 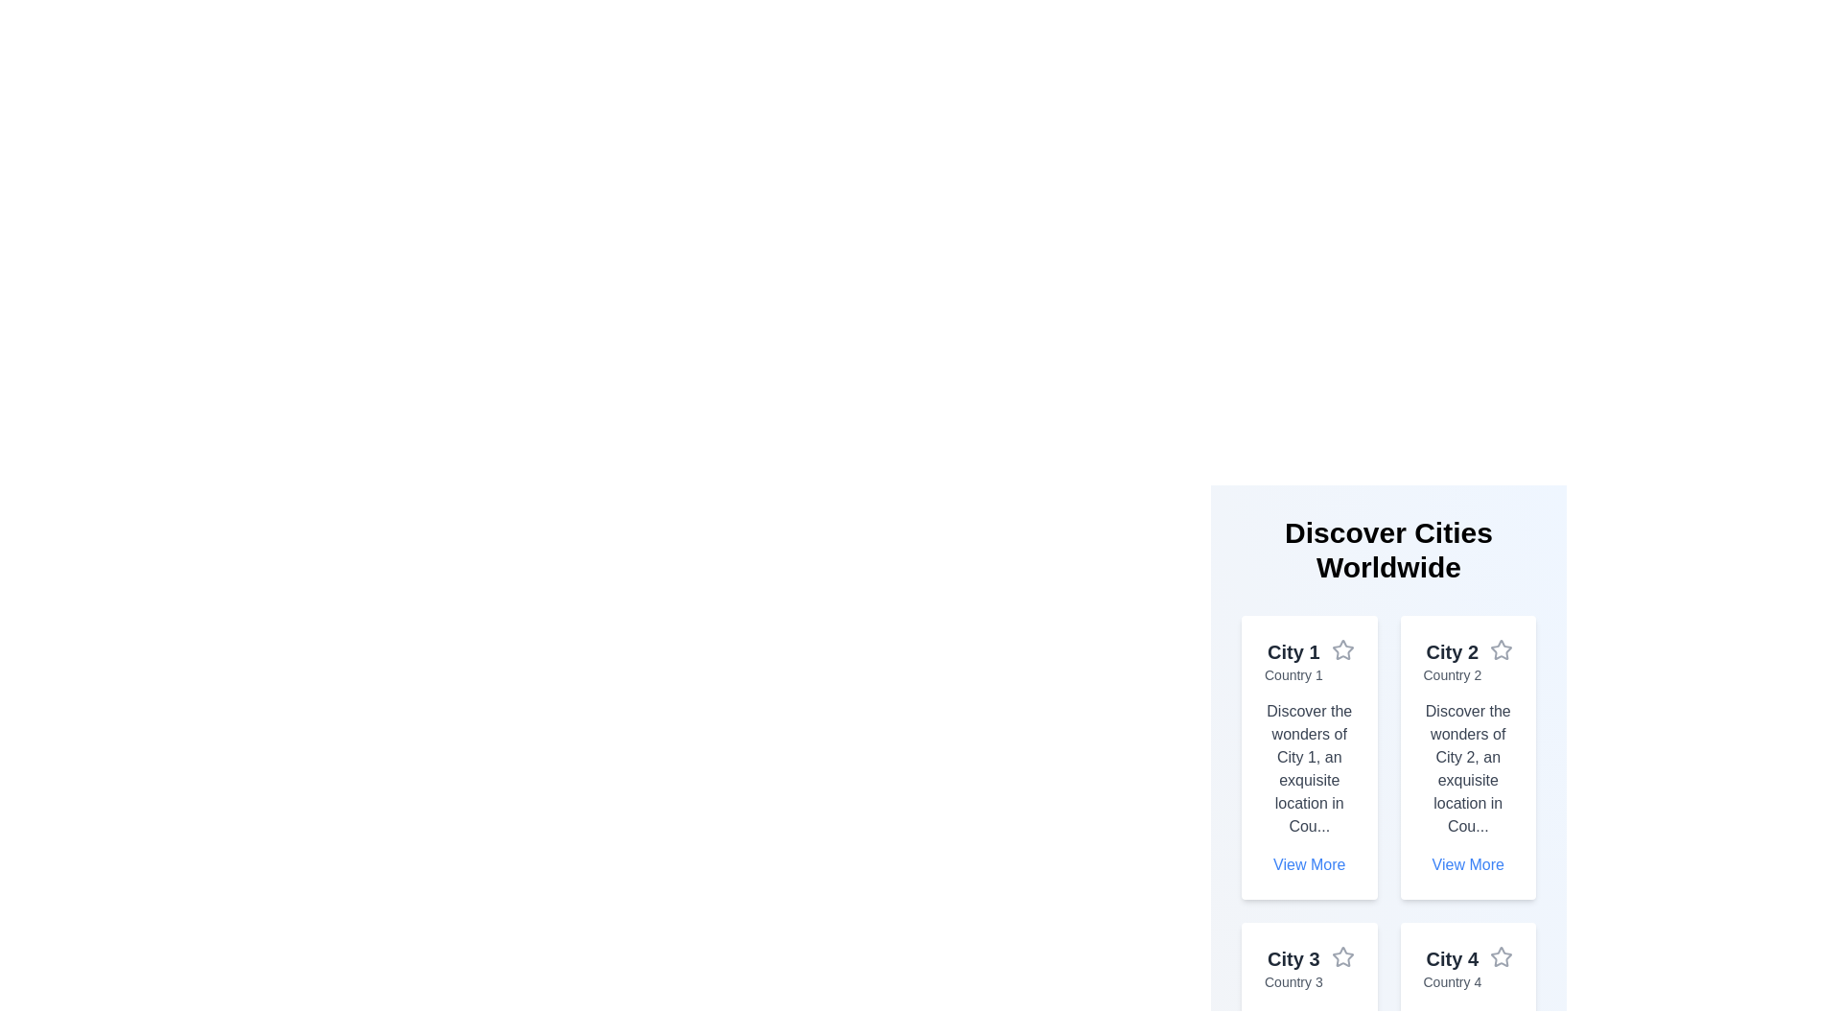 What do you see at coordinates (1341, 957) in the screenshot?
I see `the star icon in the card for 'City 3' and 'Country 3' to favorite or un-favorite the content` at bounding box center [1341, 957].